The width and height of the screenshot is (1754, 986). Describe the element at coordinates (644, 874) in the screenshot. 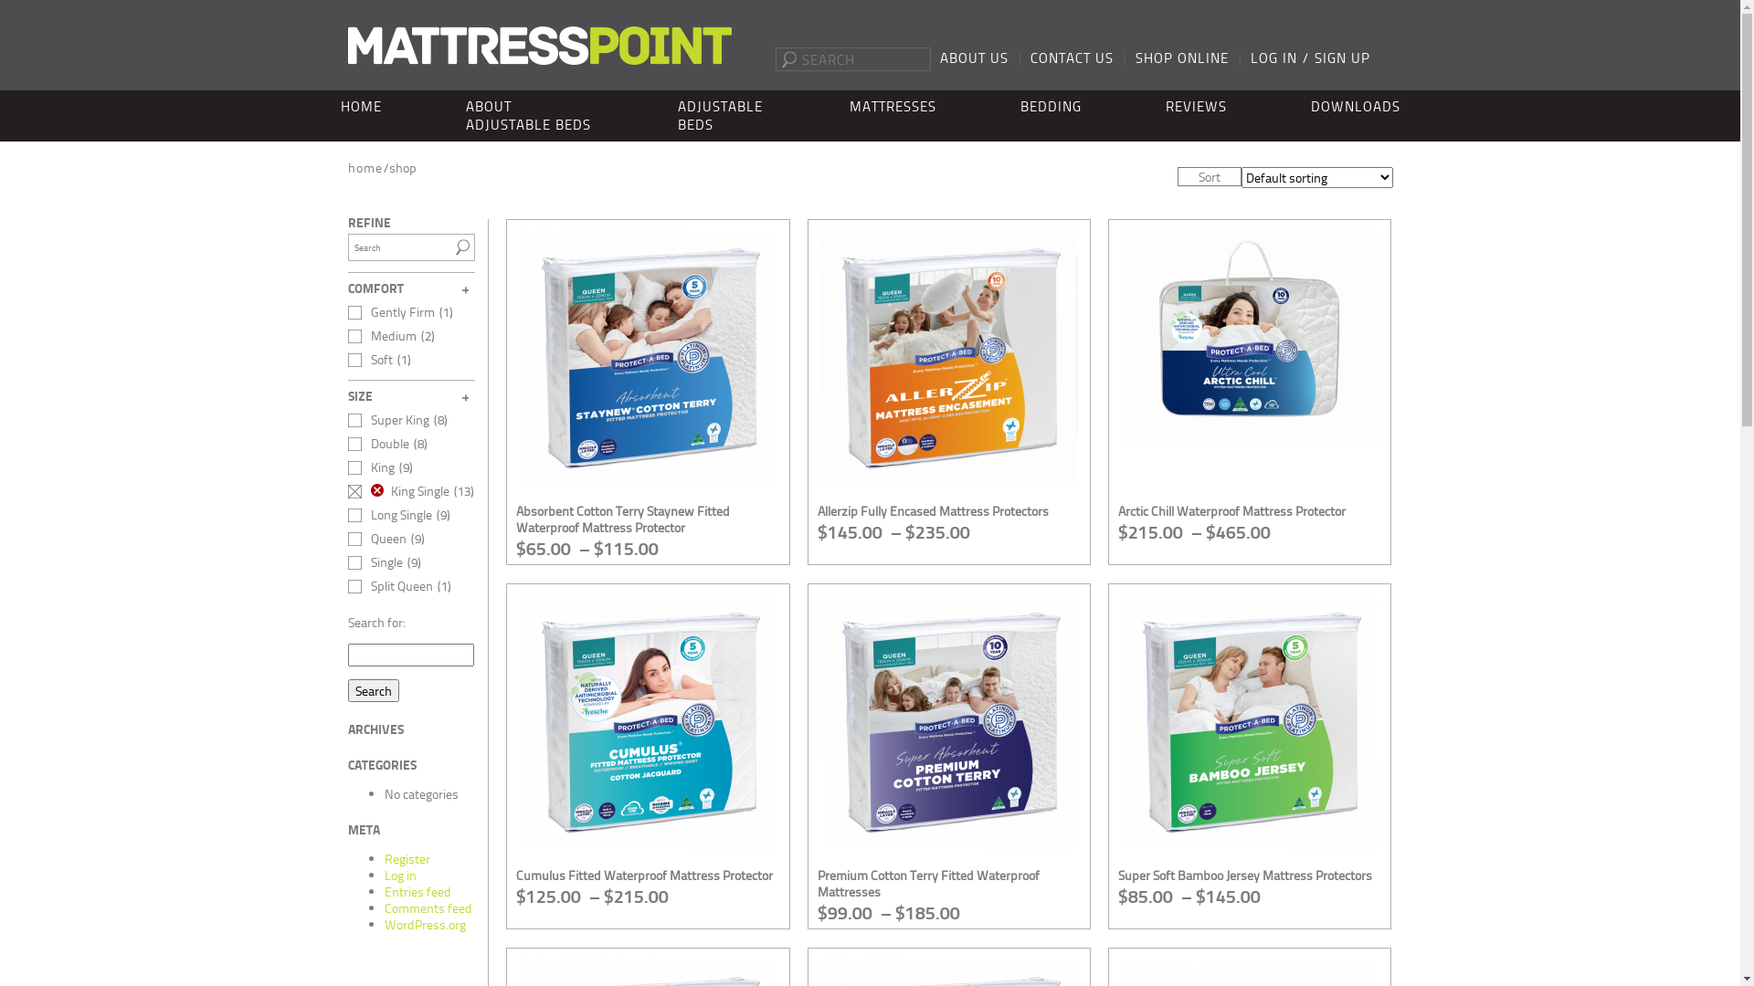

I see `'Cumulus Fitted Waterproof Mattress Protector'` at that location.